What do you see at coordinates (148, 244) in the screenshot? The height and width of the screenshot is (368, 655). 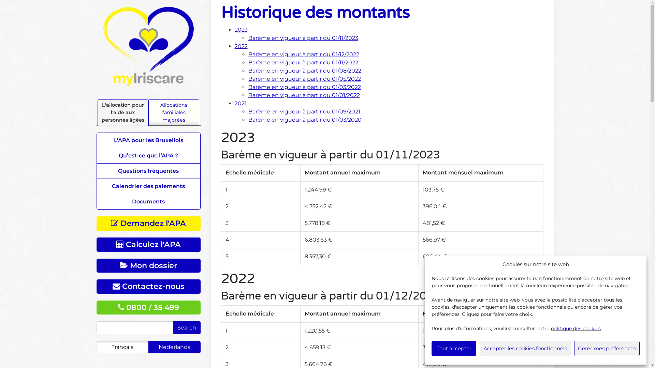 I see `'Calculez l'APA'` at bounding box center [148, 244].